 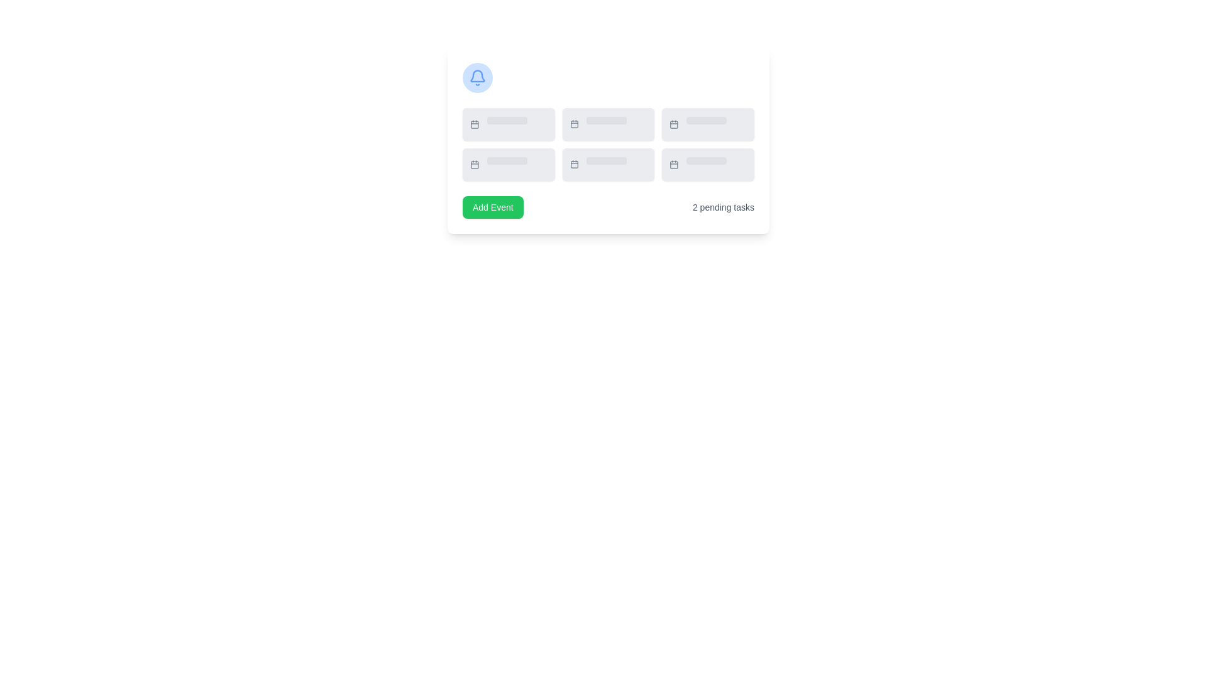 I want to click on the calendar icon, which is gray and contained within a rounded background, located in the second row, middle column of the list/grid, so click(x=573, y=124).